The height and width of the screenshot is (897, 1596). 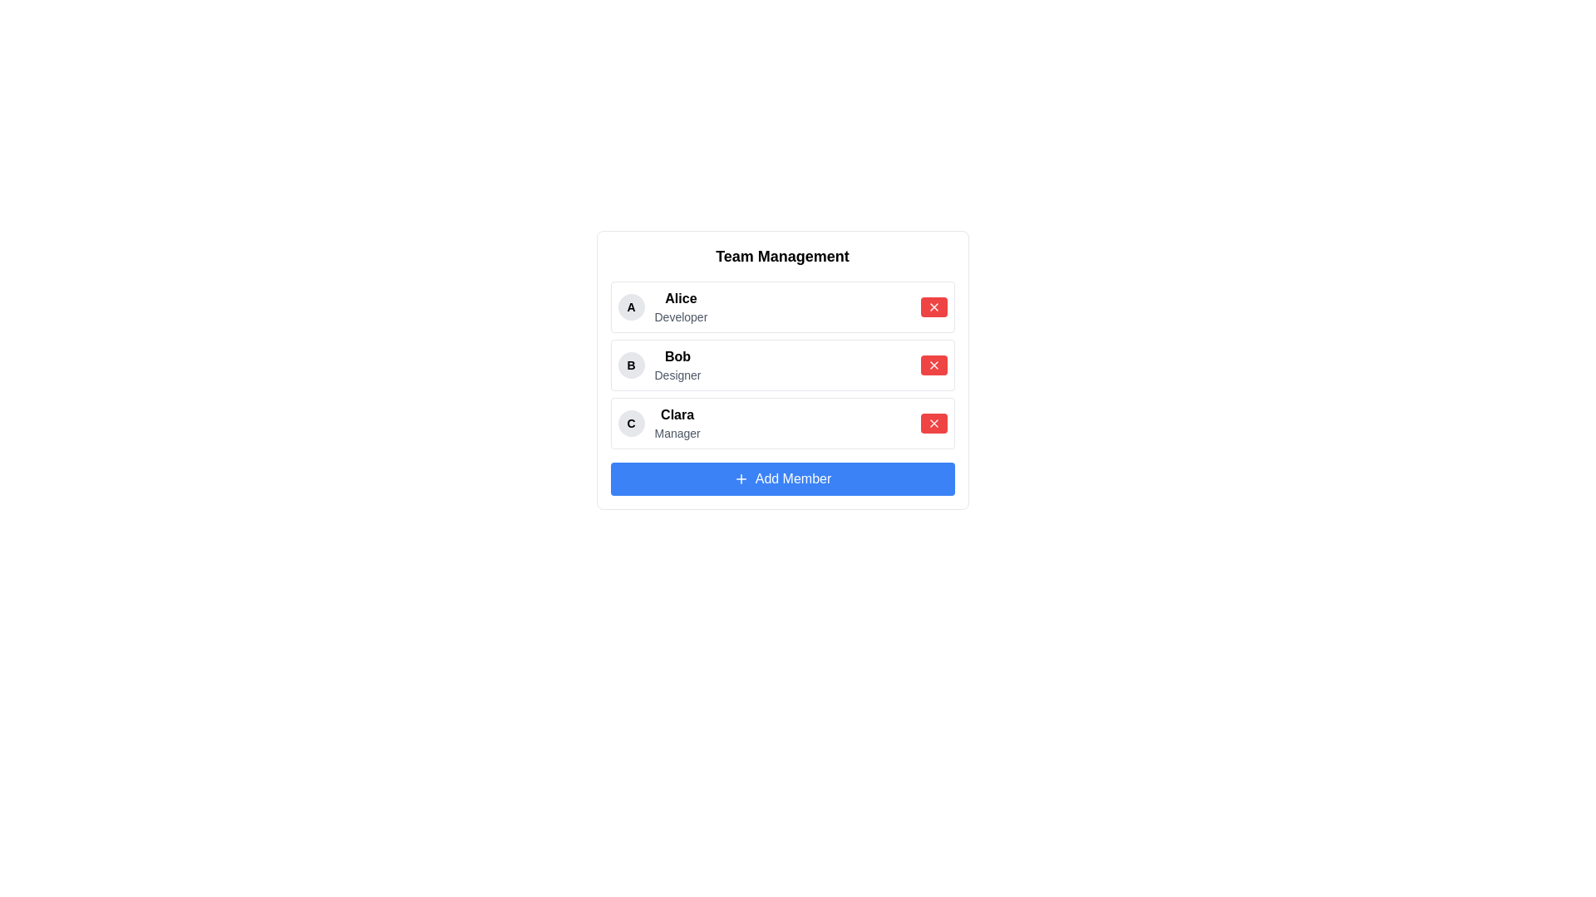 What do you see at coordinates (933, 364) in the screenshot?
I see `the delete button associated with 'Bob Designer'` at bounding box center [933, 364].